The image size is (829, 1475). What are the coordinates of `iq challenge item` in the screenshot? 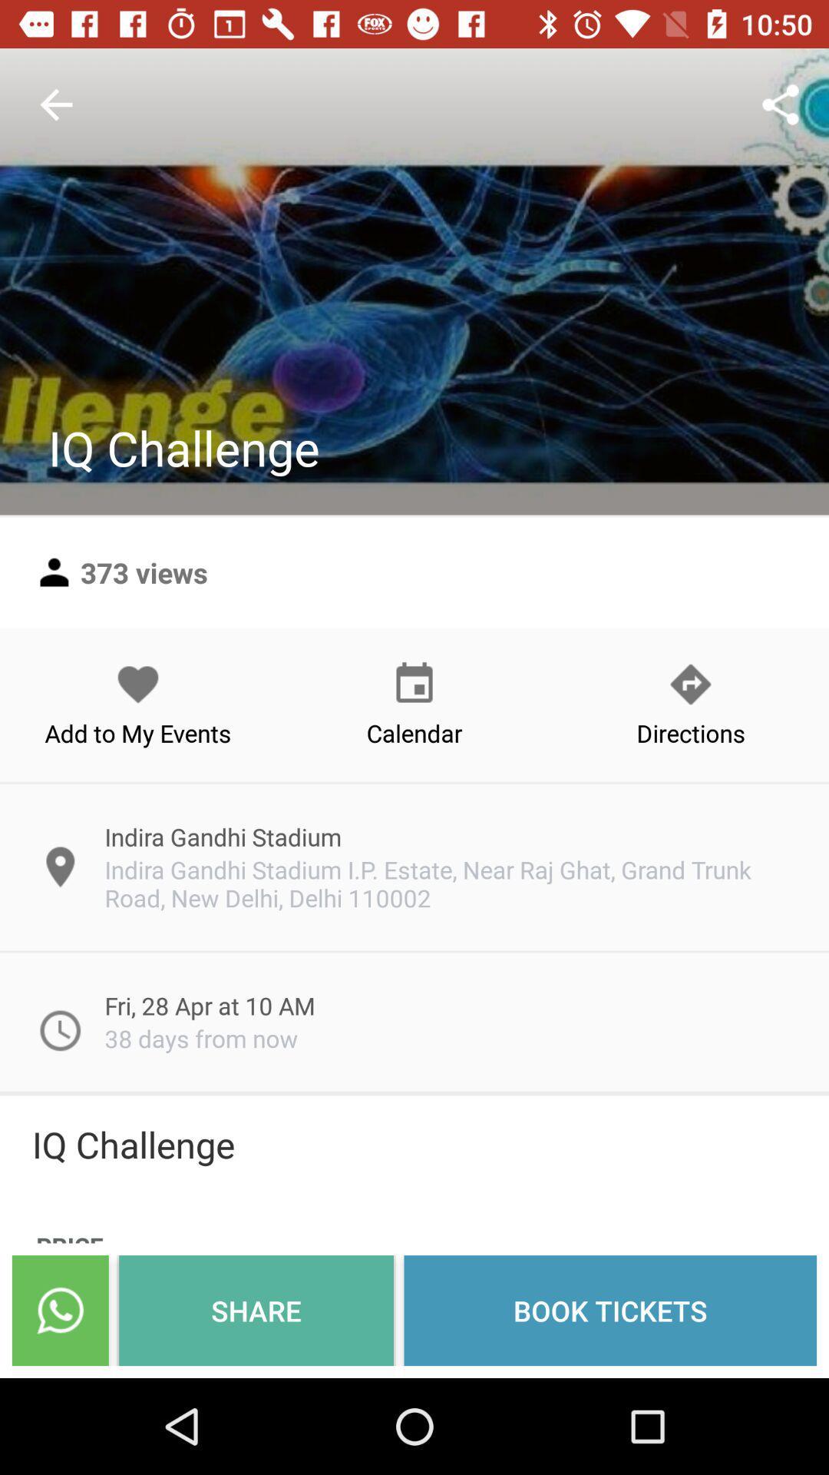 It's located at (414, 1144).